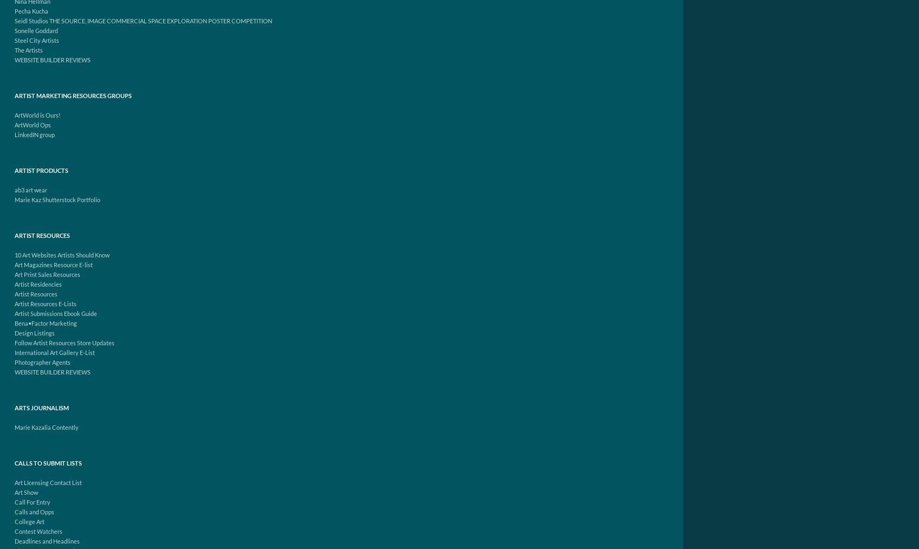 Image resolution: width=919 pixels, height=549 pixels. Describe the element at coordinates (41, 170) in the screenshot. I see `'Artist Products'` at that location.